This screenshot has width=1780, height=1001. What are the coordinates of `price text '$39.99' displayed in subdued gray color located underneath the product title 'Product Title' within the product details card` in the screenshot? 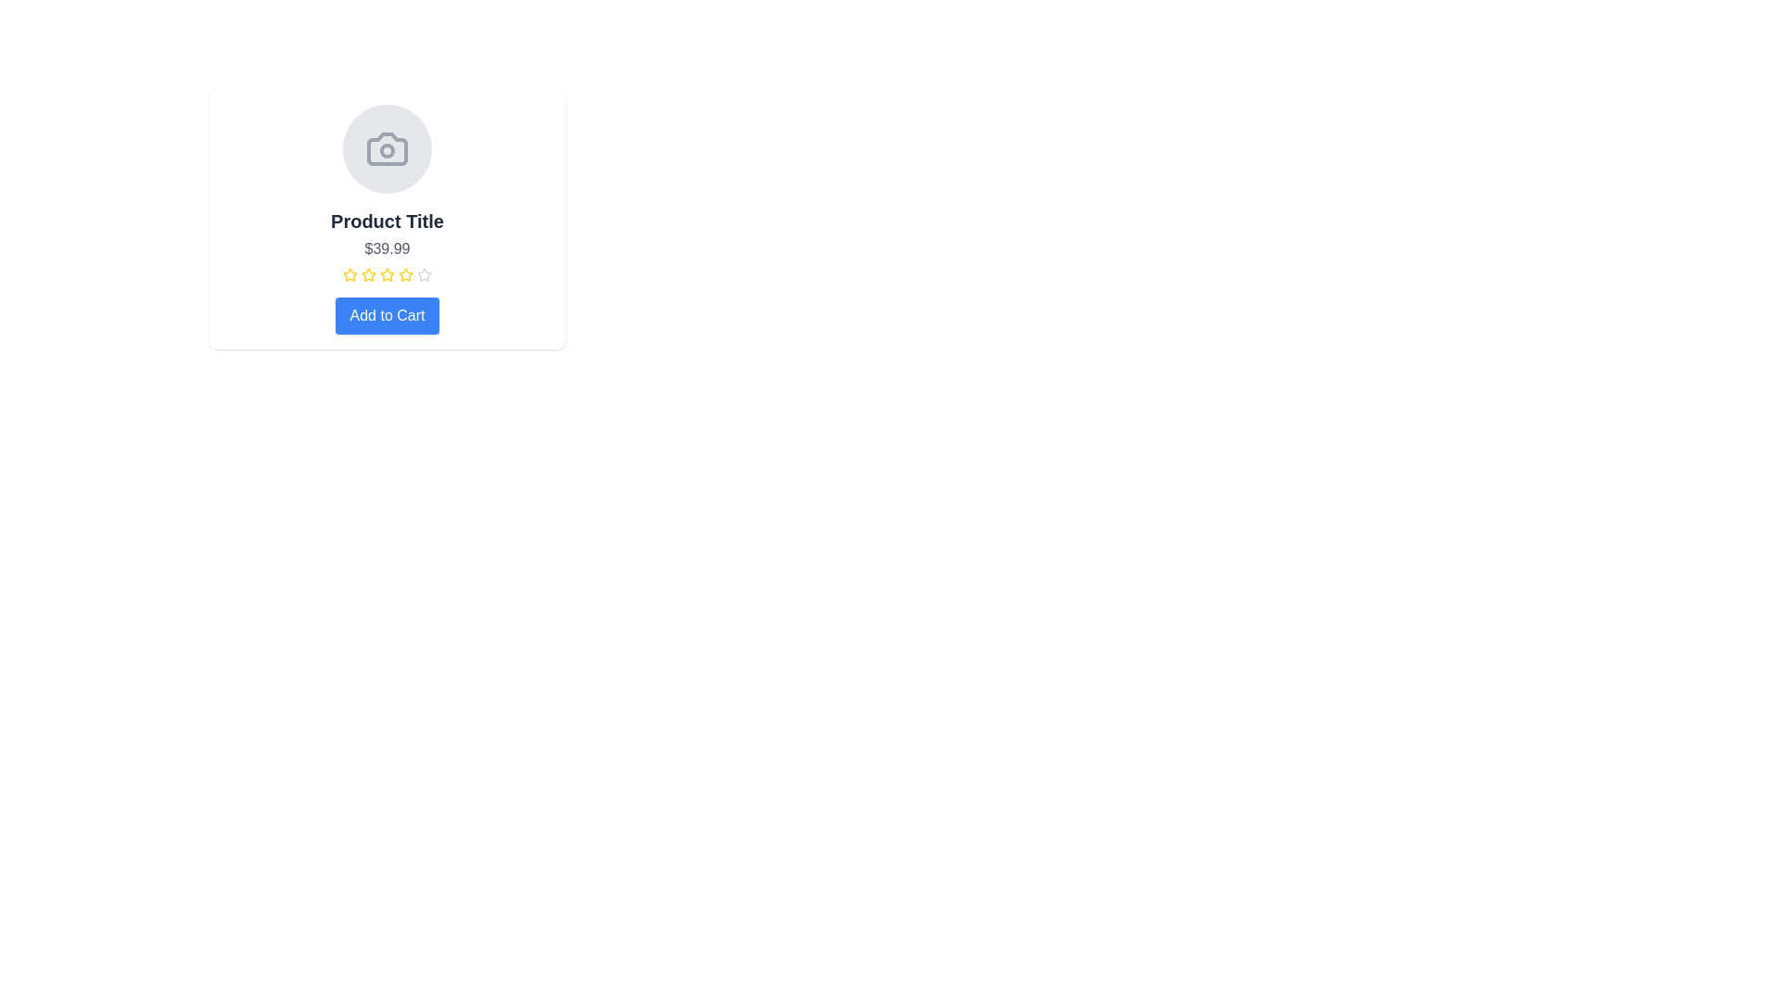 It's located at (386, 248).